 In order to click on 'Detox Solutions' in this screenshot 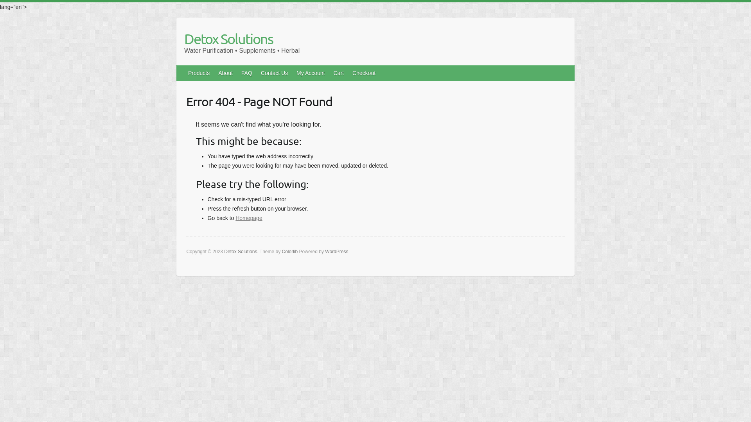, I will do `click(240, 252)`.